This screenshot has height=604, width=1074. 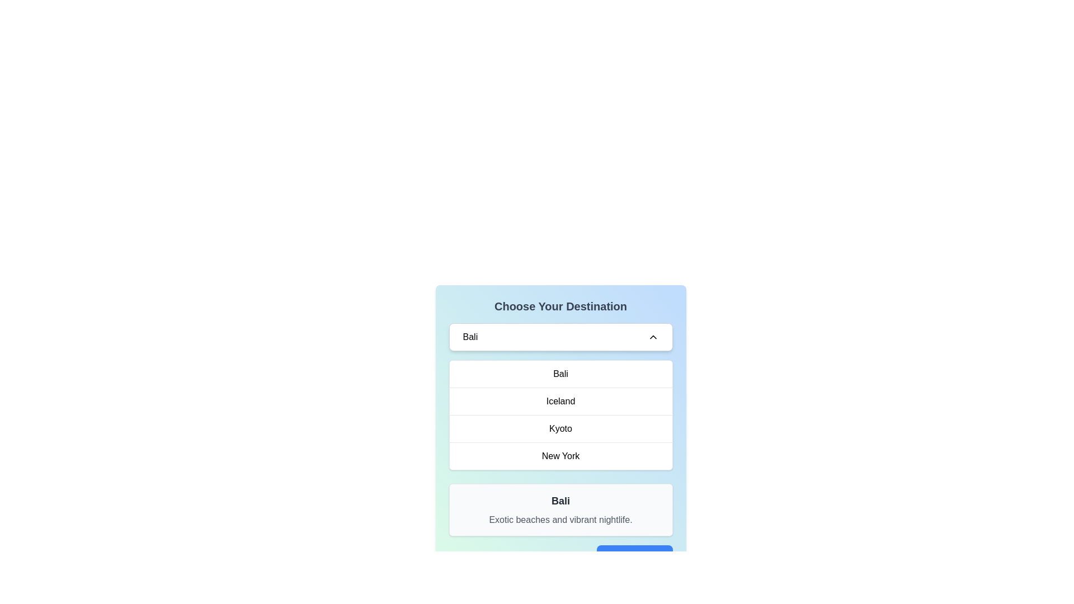 What do you see at coordinates (560, 500) in the screenshot?
I see `text label displaying 'Bali', which is styled in bold and large font, positioned above the description text in a rounded light gray card` at bounding box center [560, 500].